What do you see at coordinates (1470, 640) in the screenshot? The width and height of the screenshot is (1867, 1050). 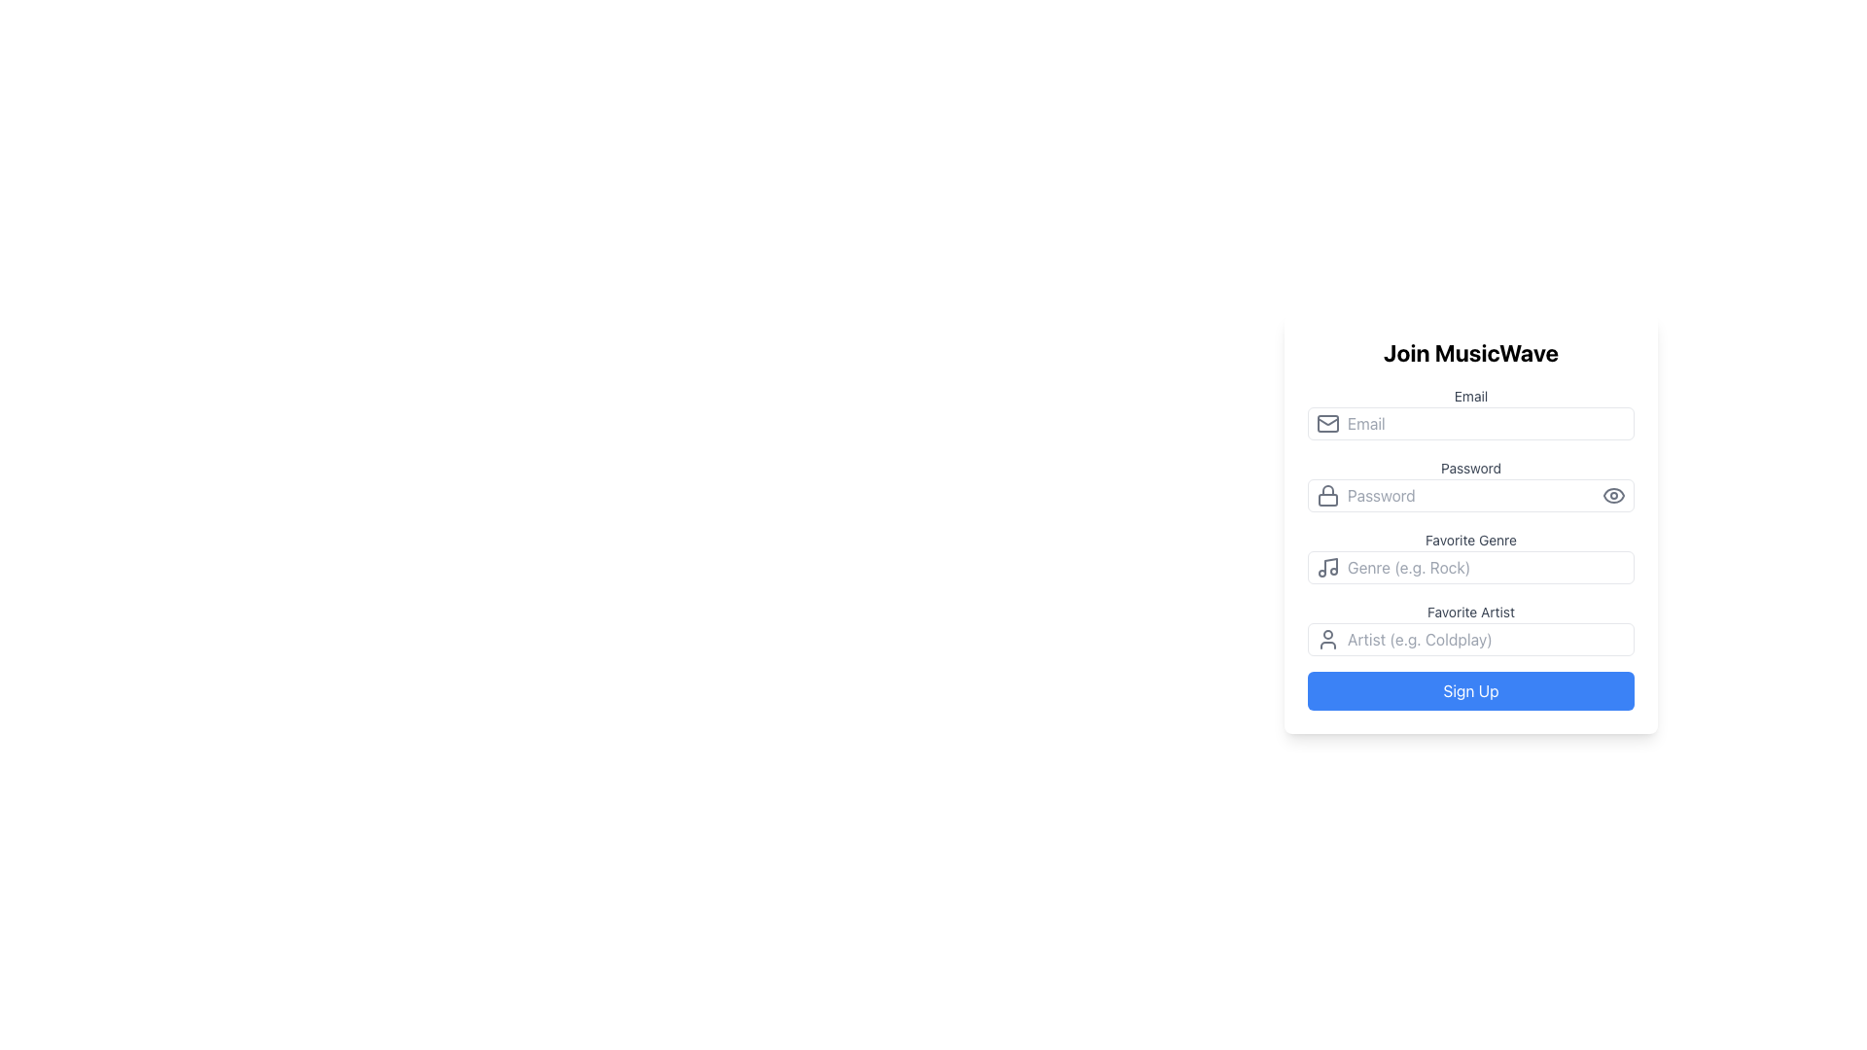 I see `the text input field for entering the artist's name, which has a placeholder text 'Artist (e.g. Coldplay)' and is located below the 'Favorite Artist' title and above the 'Sign Up' button` at bounding box center [1470, 640].